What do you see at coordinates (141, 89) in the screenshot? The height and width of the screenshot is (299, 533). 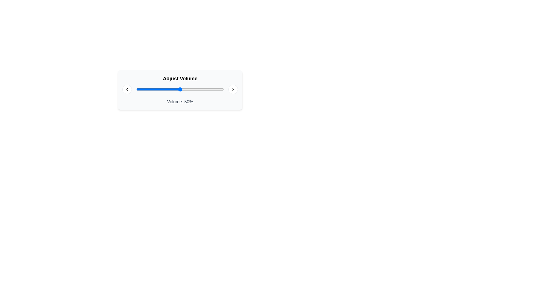 I see `the slider` at bounding box center [141, 89].